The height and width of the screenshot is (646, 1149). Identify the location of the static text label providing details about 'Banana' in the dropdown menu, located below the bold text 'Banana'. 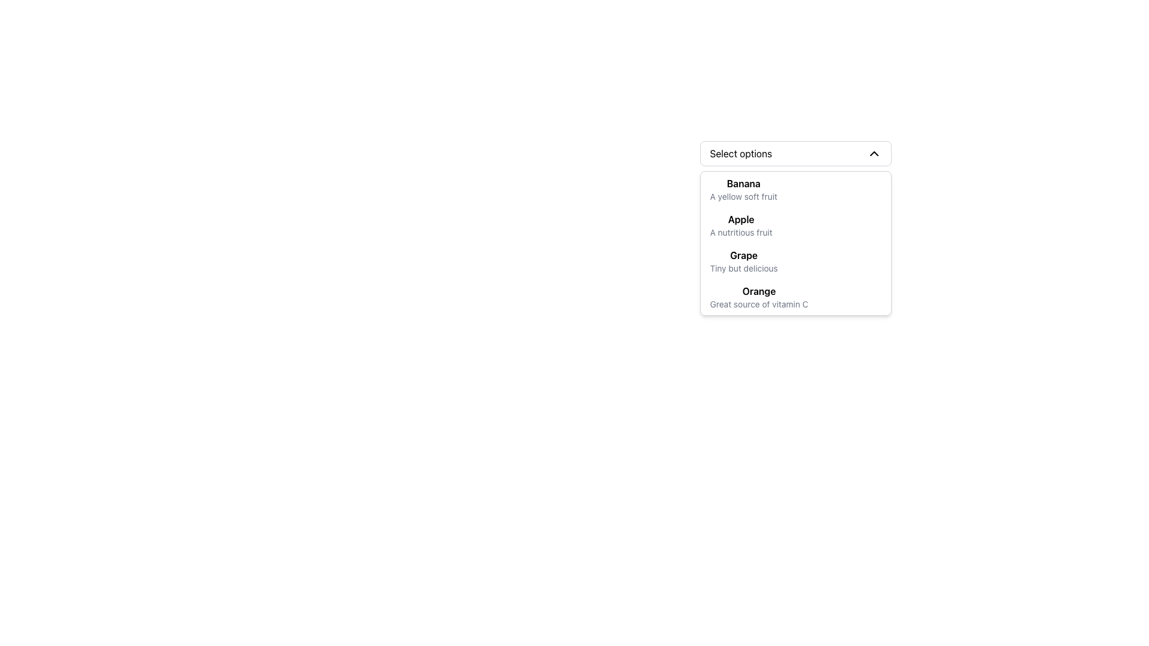
(743, 196).